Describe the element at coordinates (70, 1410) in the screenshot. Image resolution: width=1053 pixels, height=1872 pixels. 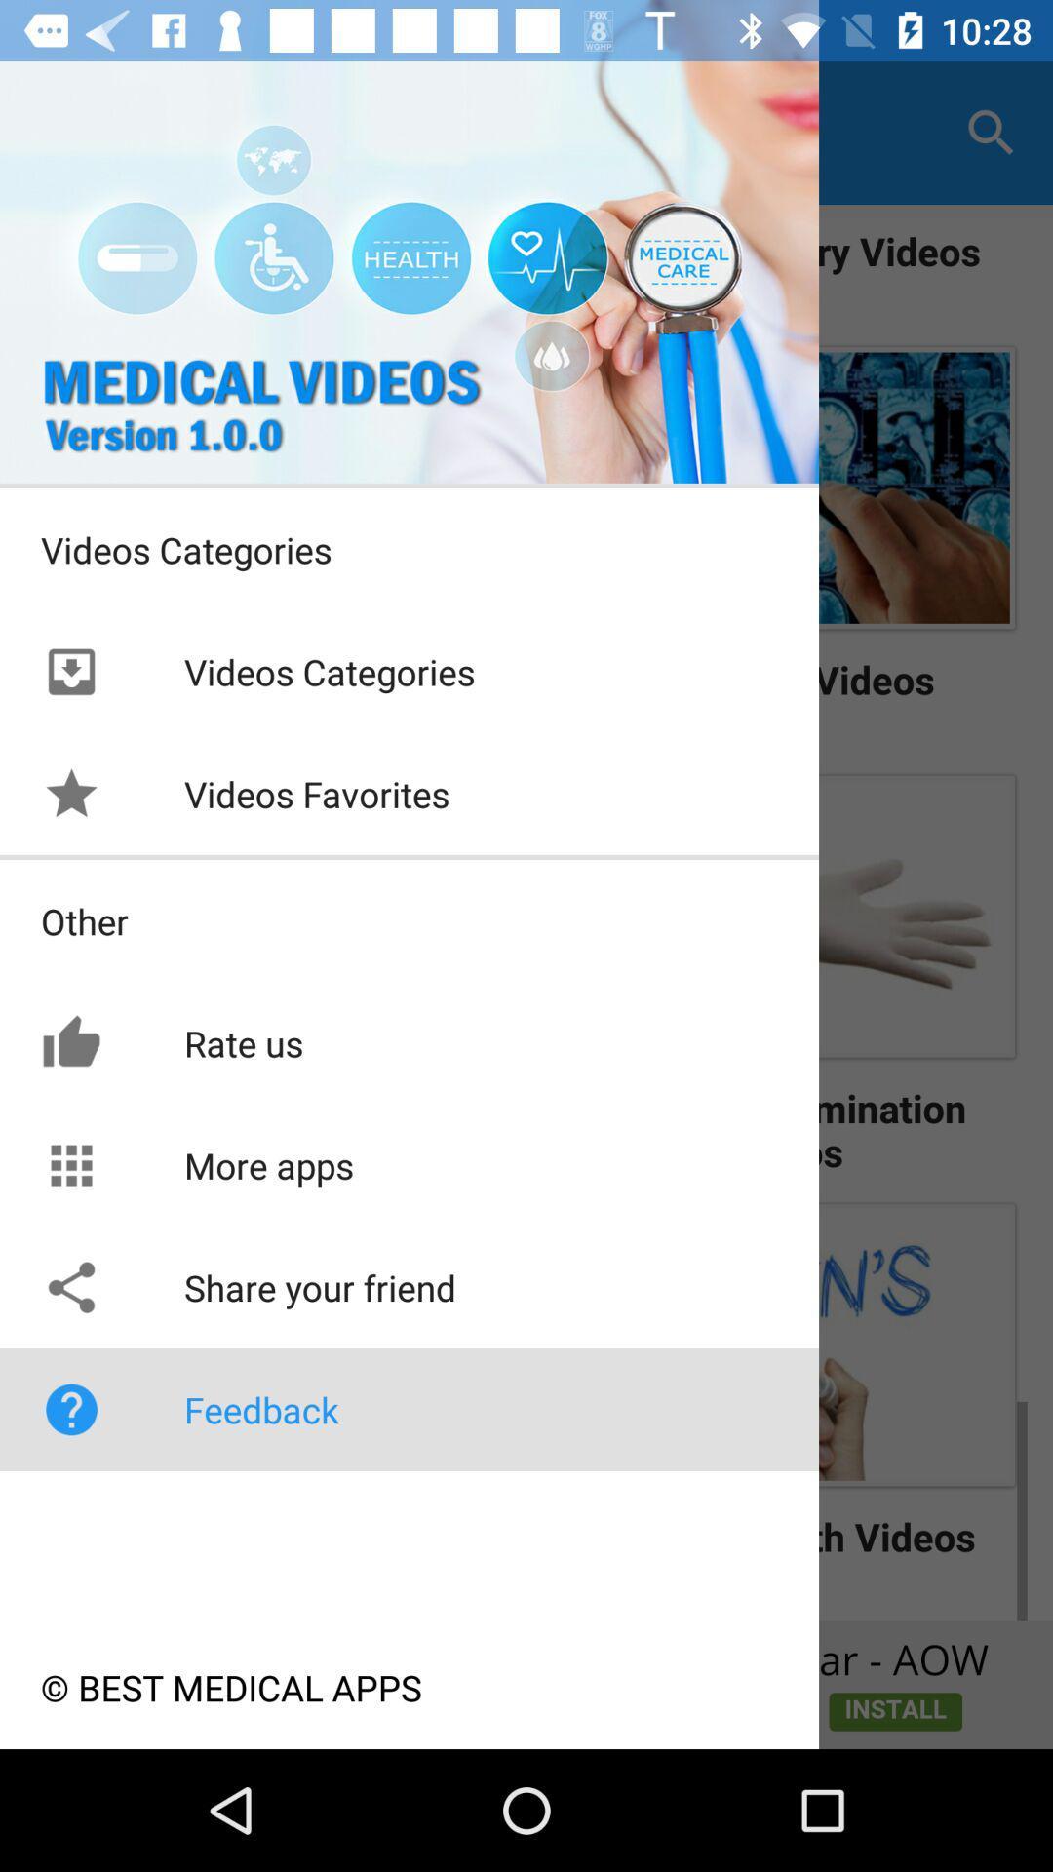
I see `the feedback icon` at that location.